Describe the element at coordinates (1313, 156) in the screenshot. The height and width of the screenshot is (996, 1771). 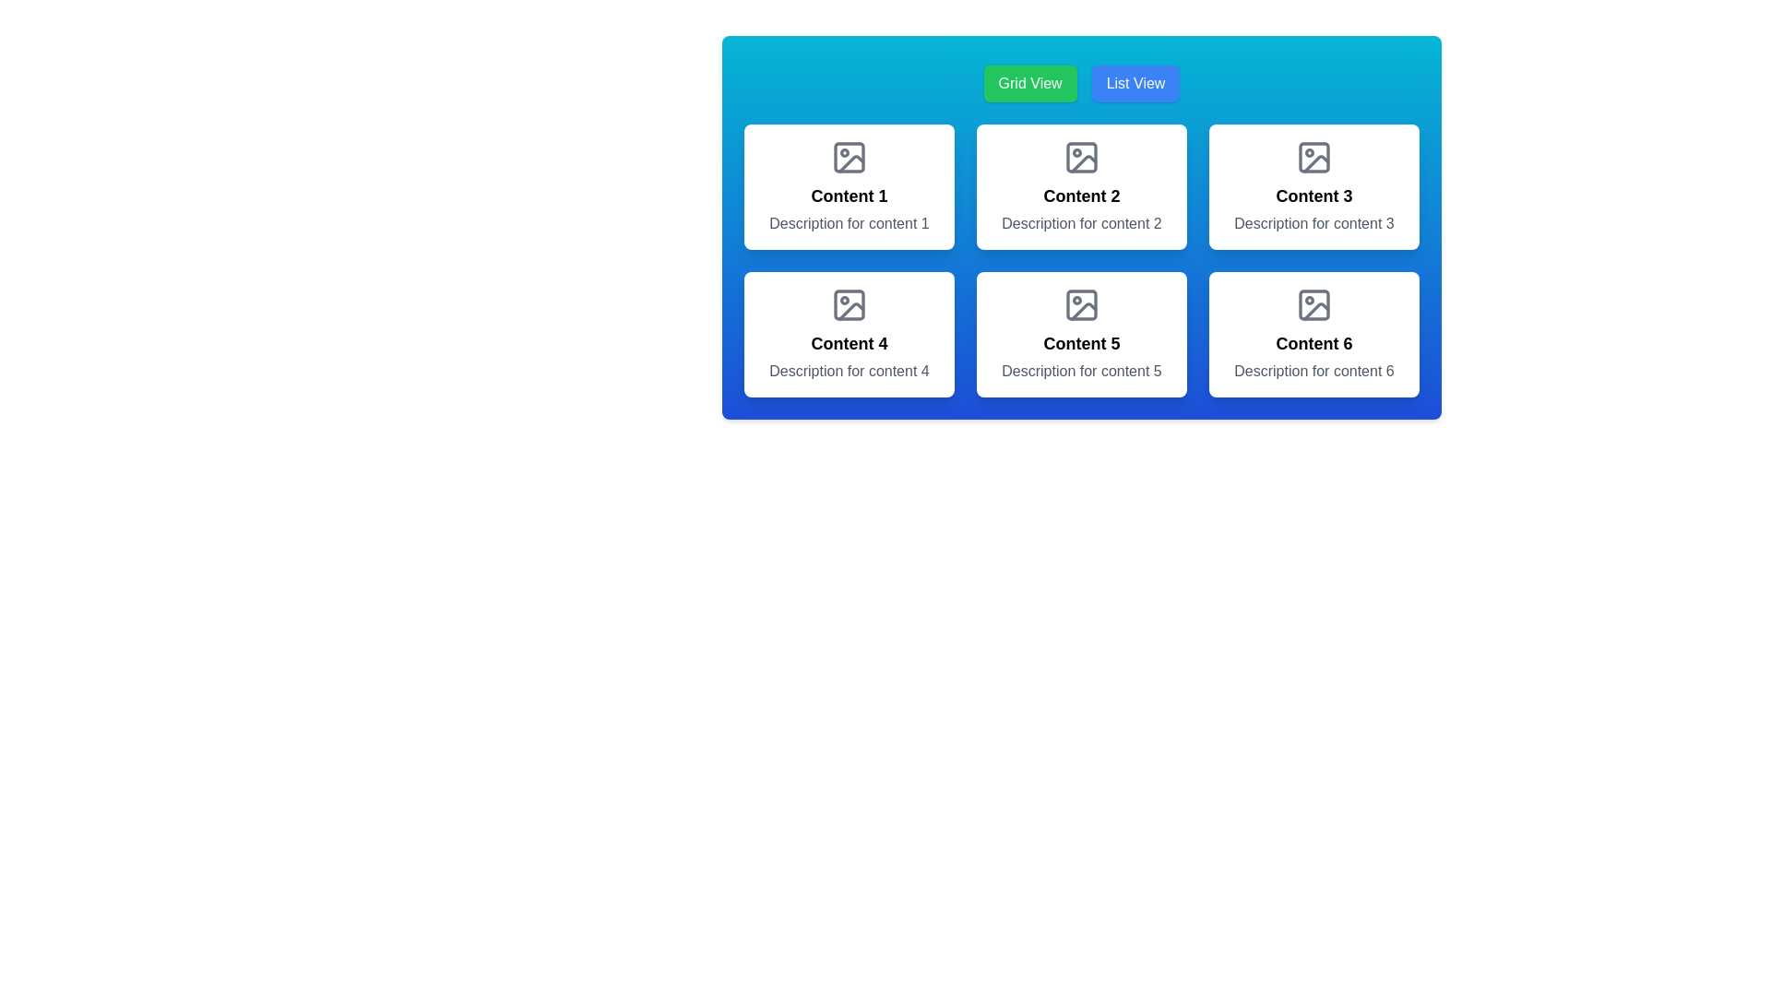
I see `the icon representing the image or media within the 'Content 3' card, located at the top-center region above the text 'Content 3'` at that location.